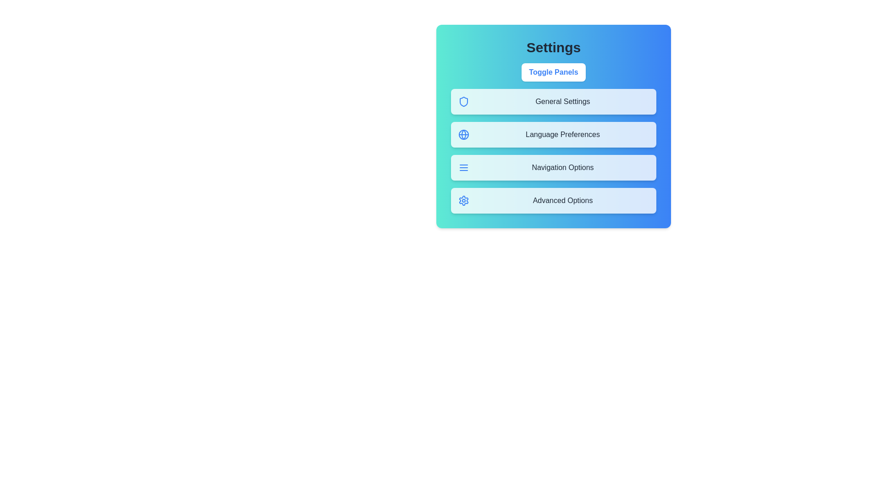  I want to click on the icon representing General Settings to inspect it, so click(464, 102).